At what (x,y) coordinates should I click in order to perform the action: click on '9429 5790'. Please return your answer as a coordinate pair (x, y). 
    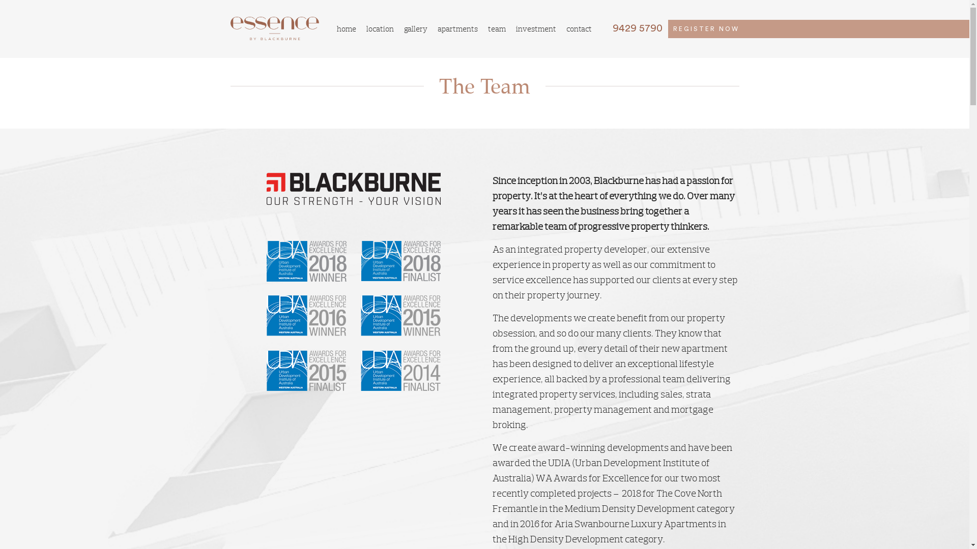
    Looking at the image, I should click on (631, 28).